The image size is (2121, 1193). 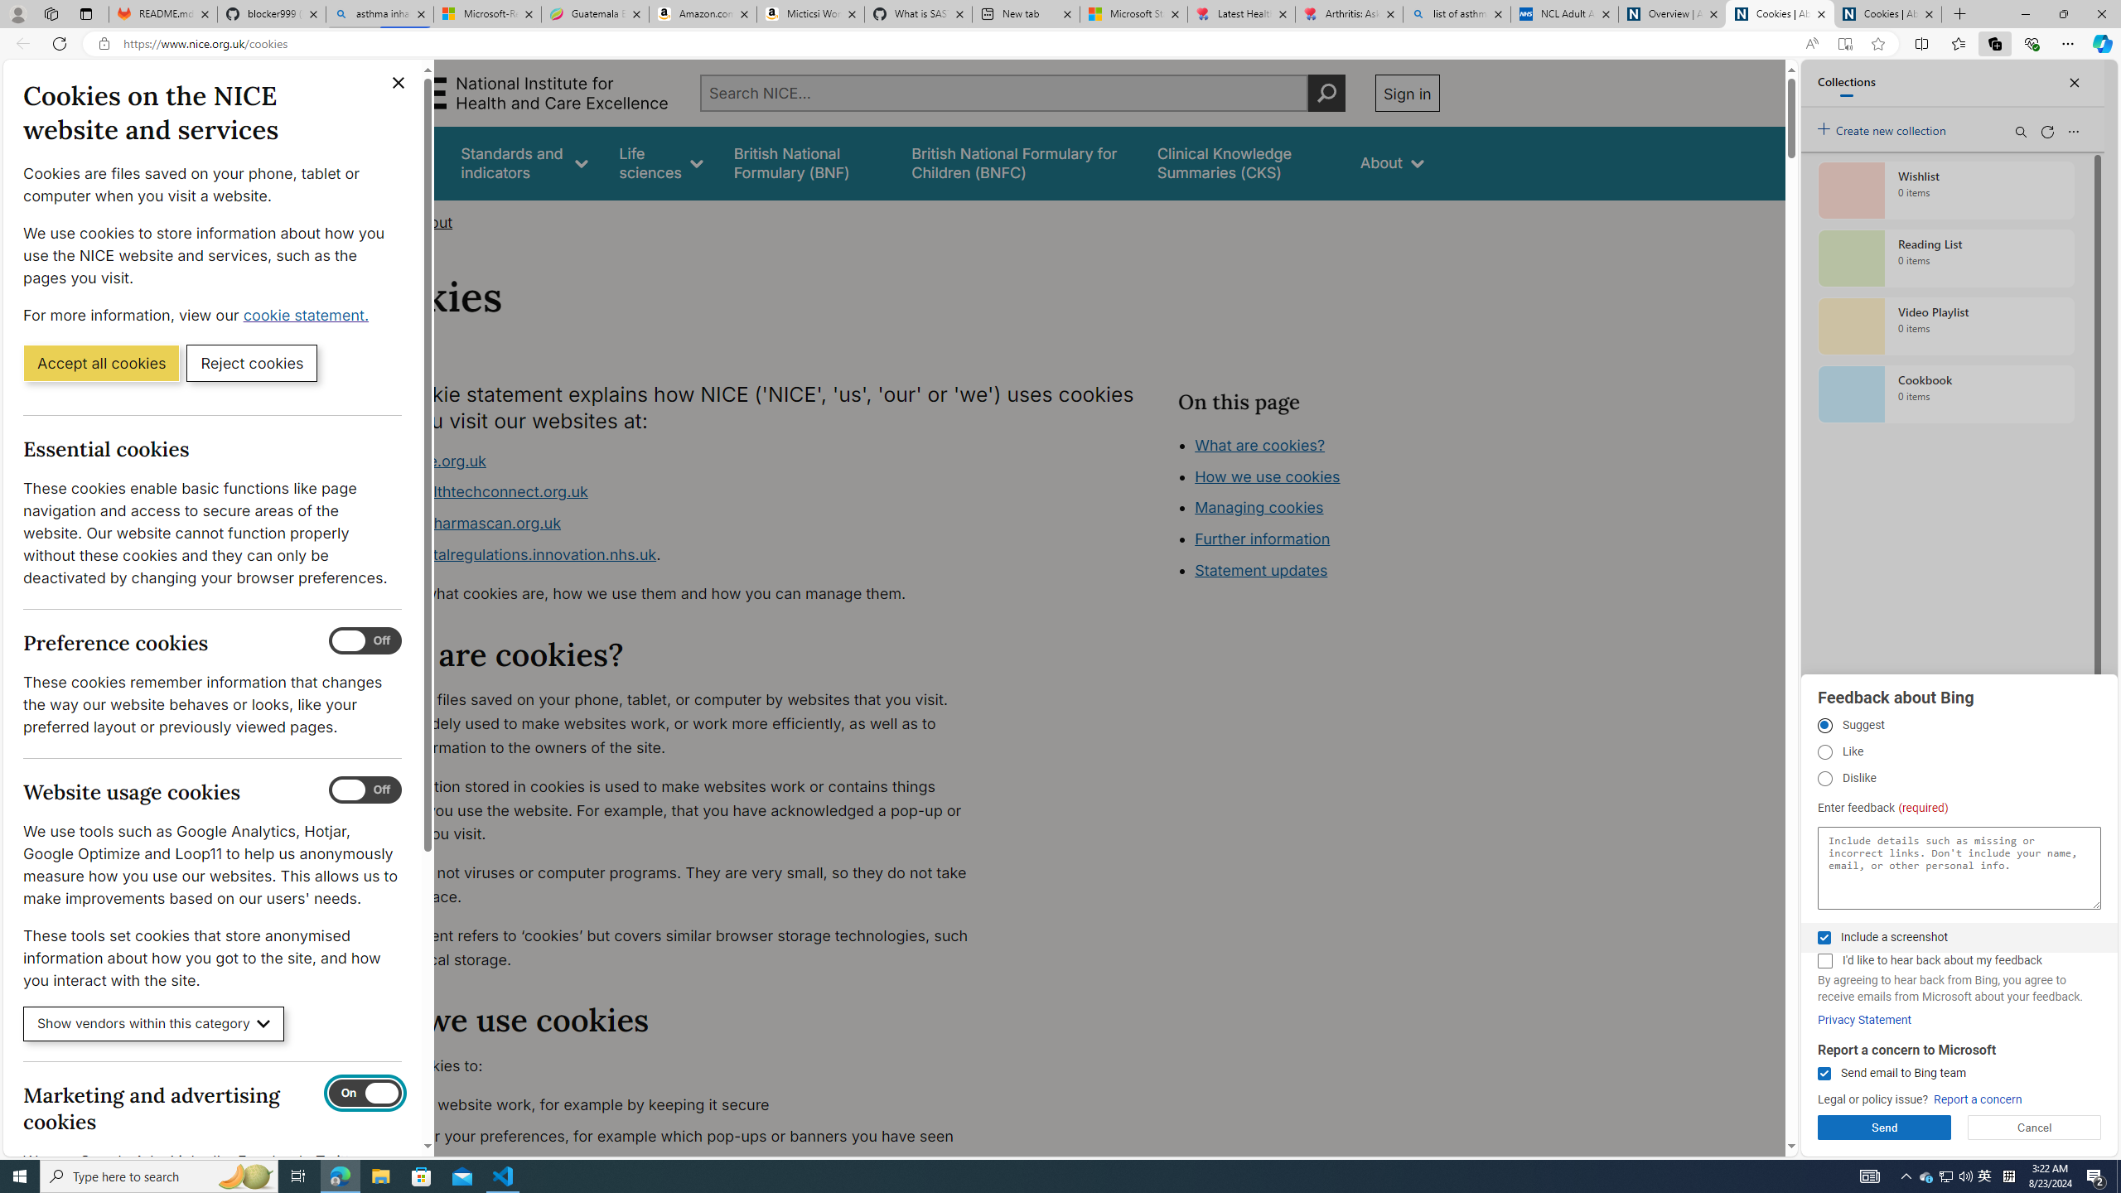 What do you see at coordinates (1824, 959) in the screenshot?
I see `'I'` at bounding box center [1824, 959].